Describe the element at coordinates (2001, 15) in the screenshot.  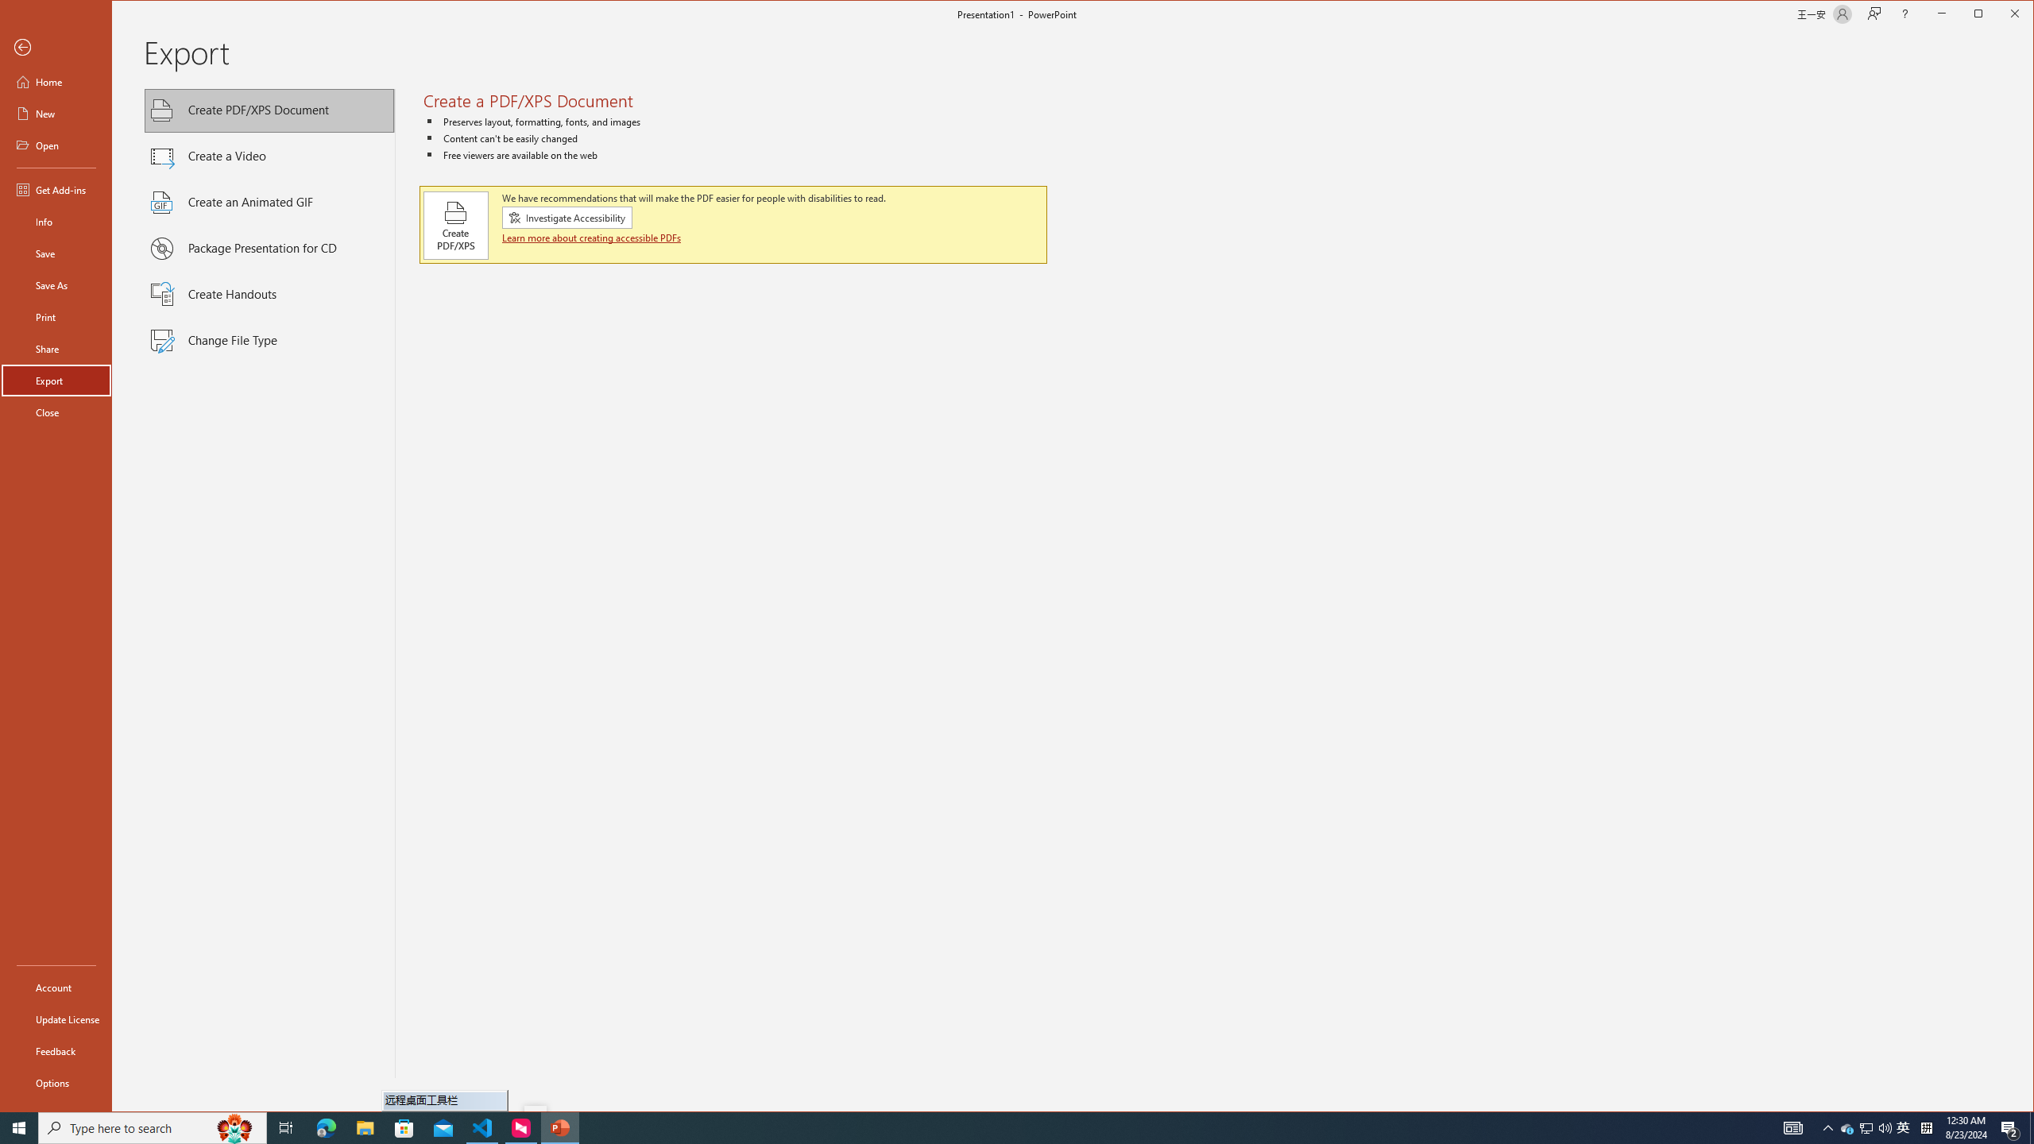
I see `'Maximize'` at that location.